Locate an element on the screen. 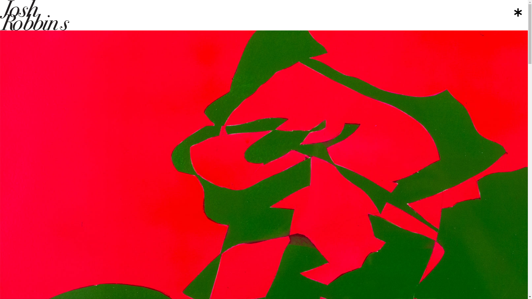 The image size is (532, 299). 'josh-robbins' is located at coordinates (34, 15).